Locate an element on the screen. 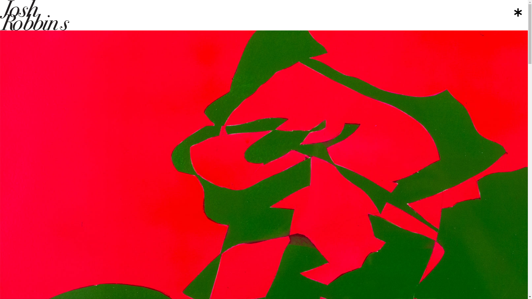 The image size is (532, 299). 'josh-robbins' is located at coordinates (34, 15).